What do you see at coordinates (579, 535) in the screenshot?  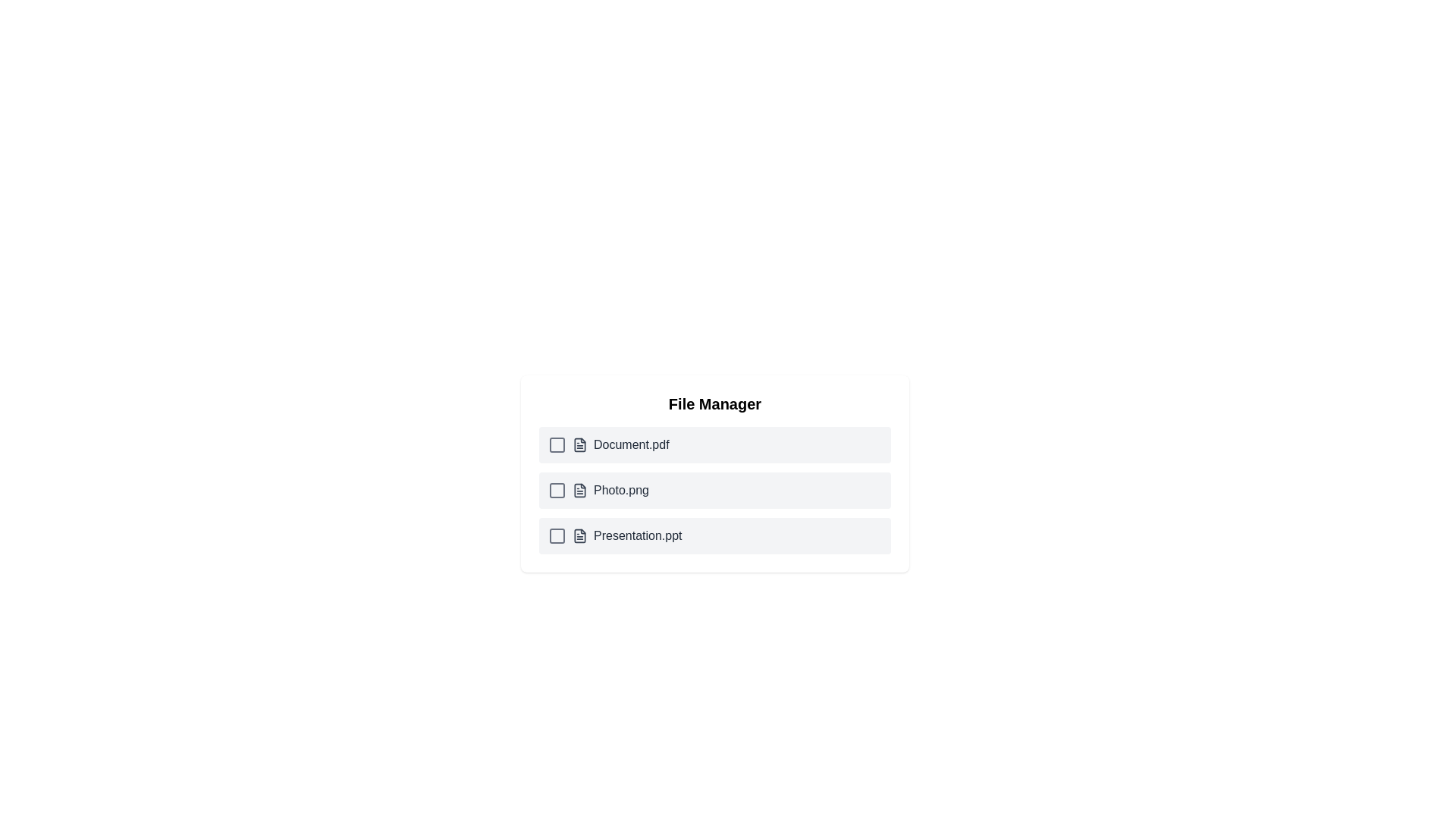 I see `the text document icon located to the left of 'Presentation.ppt' in the third row of the file management interface` at bounding box center [579, 535].